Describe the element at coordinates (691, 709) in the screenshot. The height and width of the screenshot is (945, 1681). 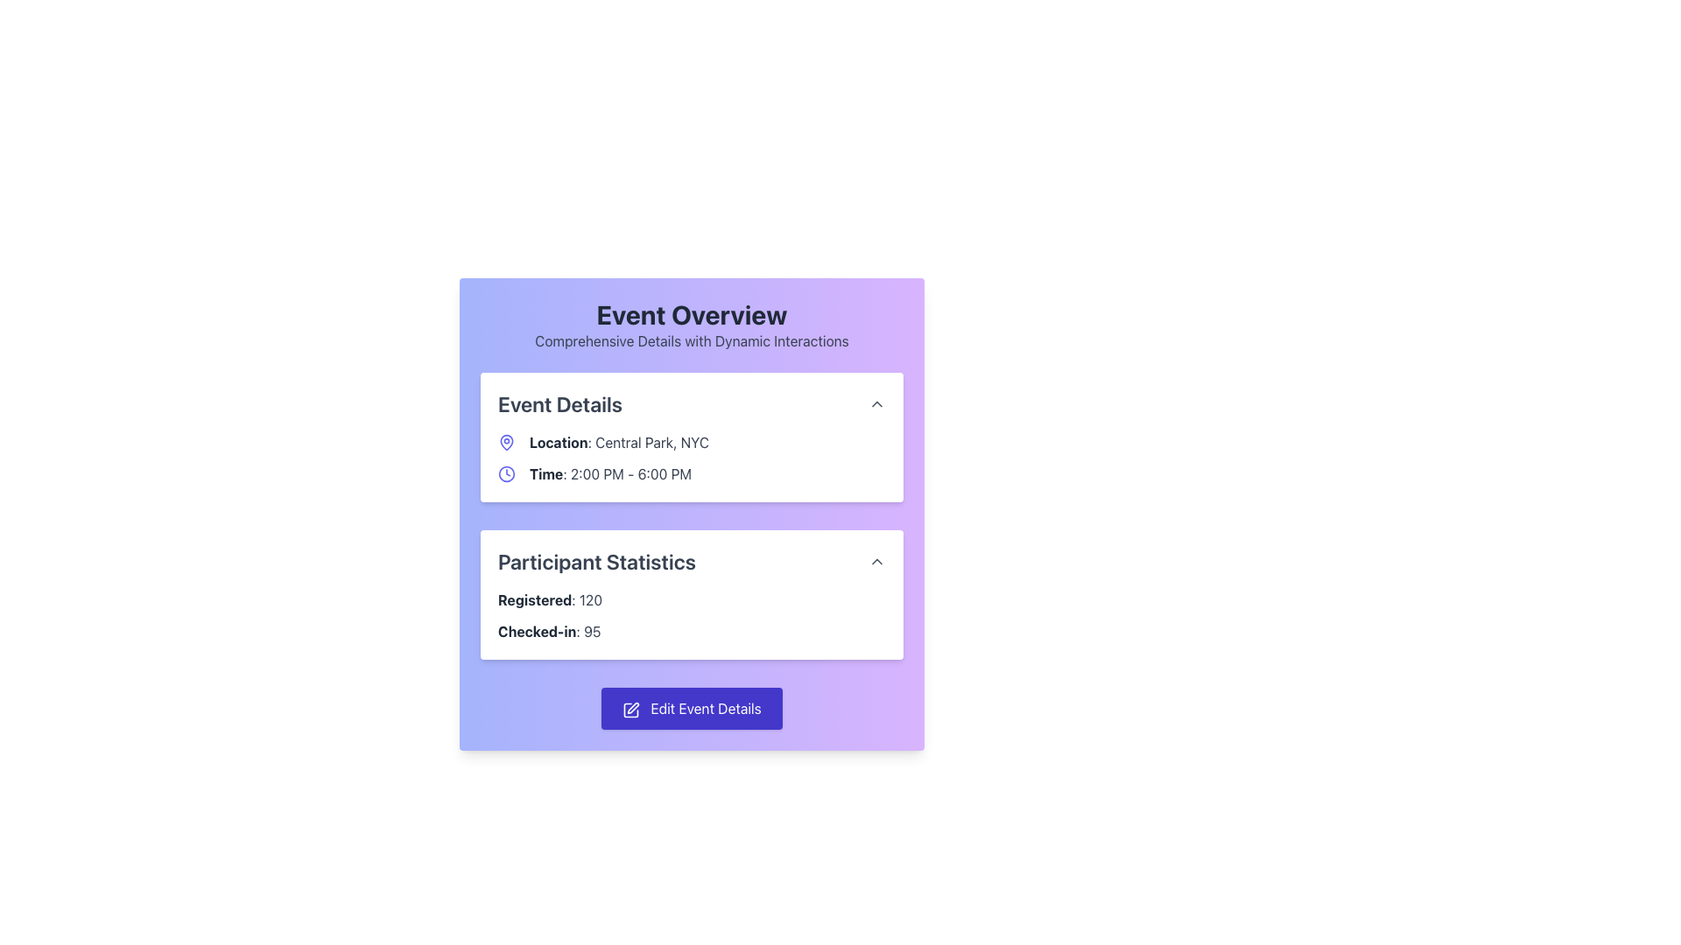
I see `the button located below the 'Participant Statistics' section` at that location.